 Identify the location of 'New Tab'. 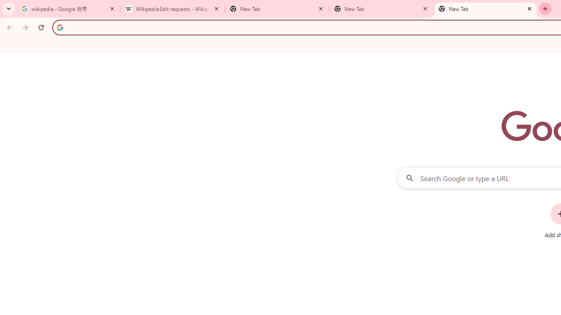
(485, 9).